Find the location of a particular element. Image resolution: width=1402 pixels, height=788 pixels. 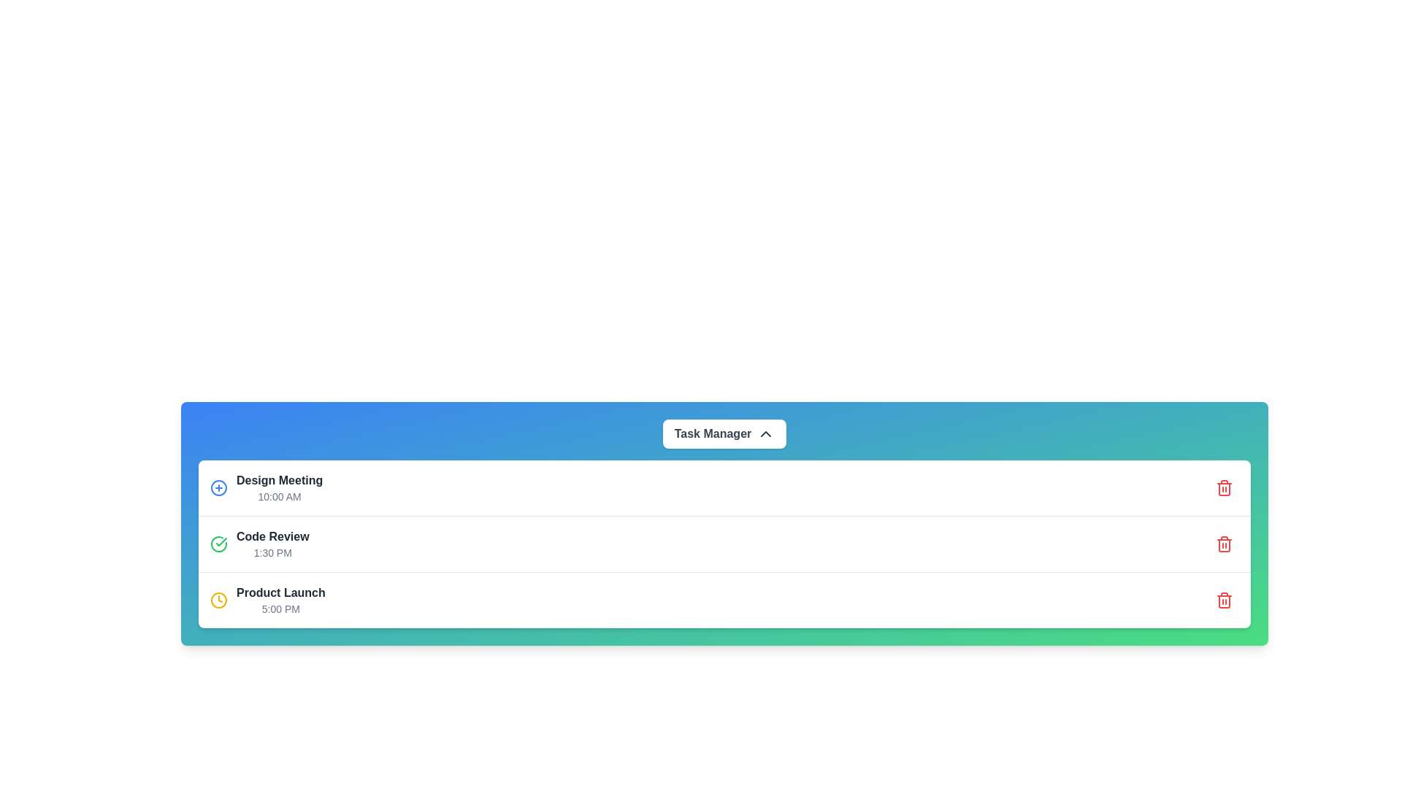

the circular component styled with a yellow fill located within the SVG clock icon, which is positioned to the left of the 'Product Launch' label is located at coordinates (218, 600).